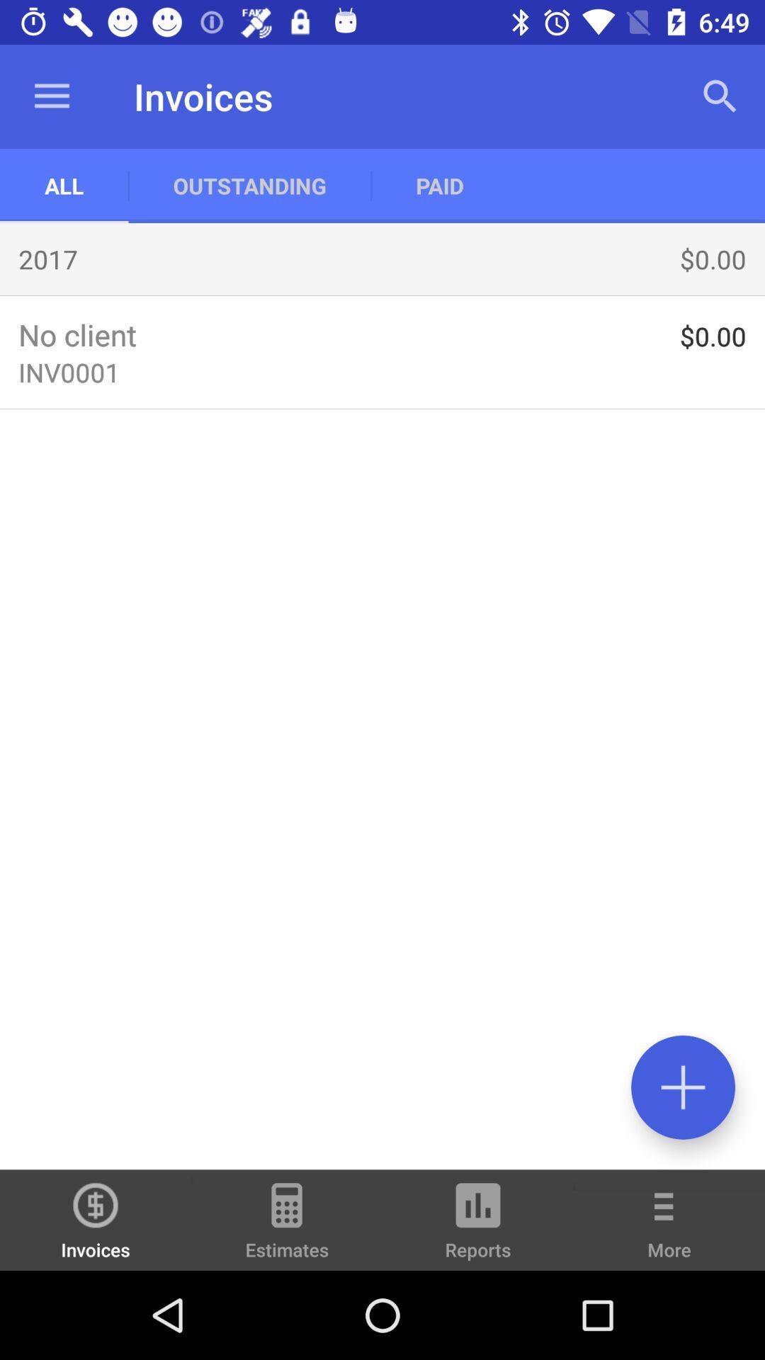  Describe the element at coordinates (439, 185) in the screenshot. I see `the app to the right of the outstanding icon` at that location.